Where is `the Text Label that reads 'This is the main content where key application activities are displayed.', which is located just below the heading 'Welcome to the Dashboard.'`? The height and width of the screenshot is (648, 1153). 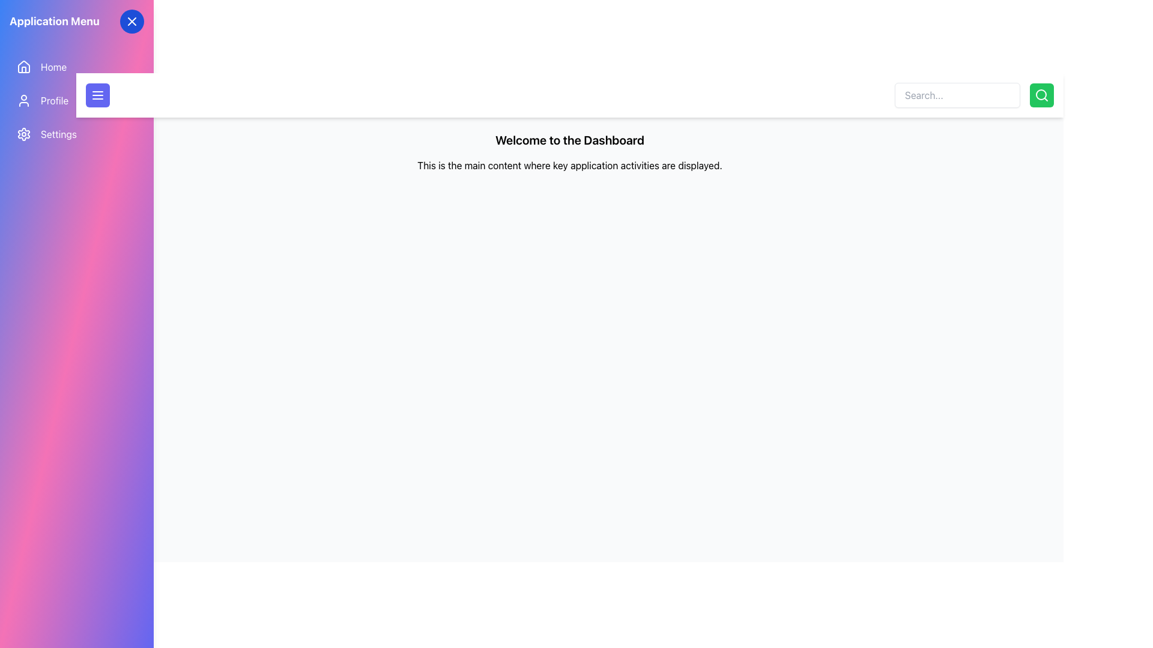 the Text Label that reads 'This is the main content where key application activities are displayed.', which is located just below the heading 'Welcome to the Dashboard.' is located at coordinates (569, 166).